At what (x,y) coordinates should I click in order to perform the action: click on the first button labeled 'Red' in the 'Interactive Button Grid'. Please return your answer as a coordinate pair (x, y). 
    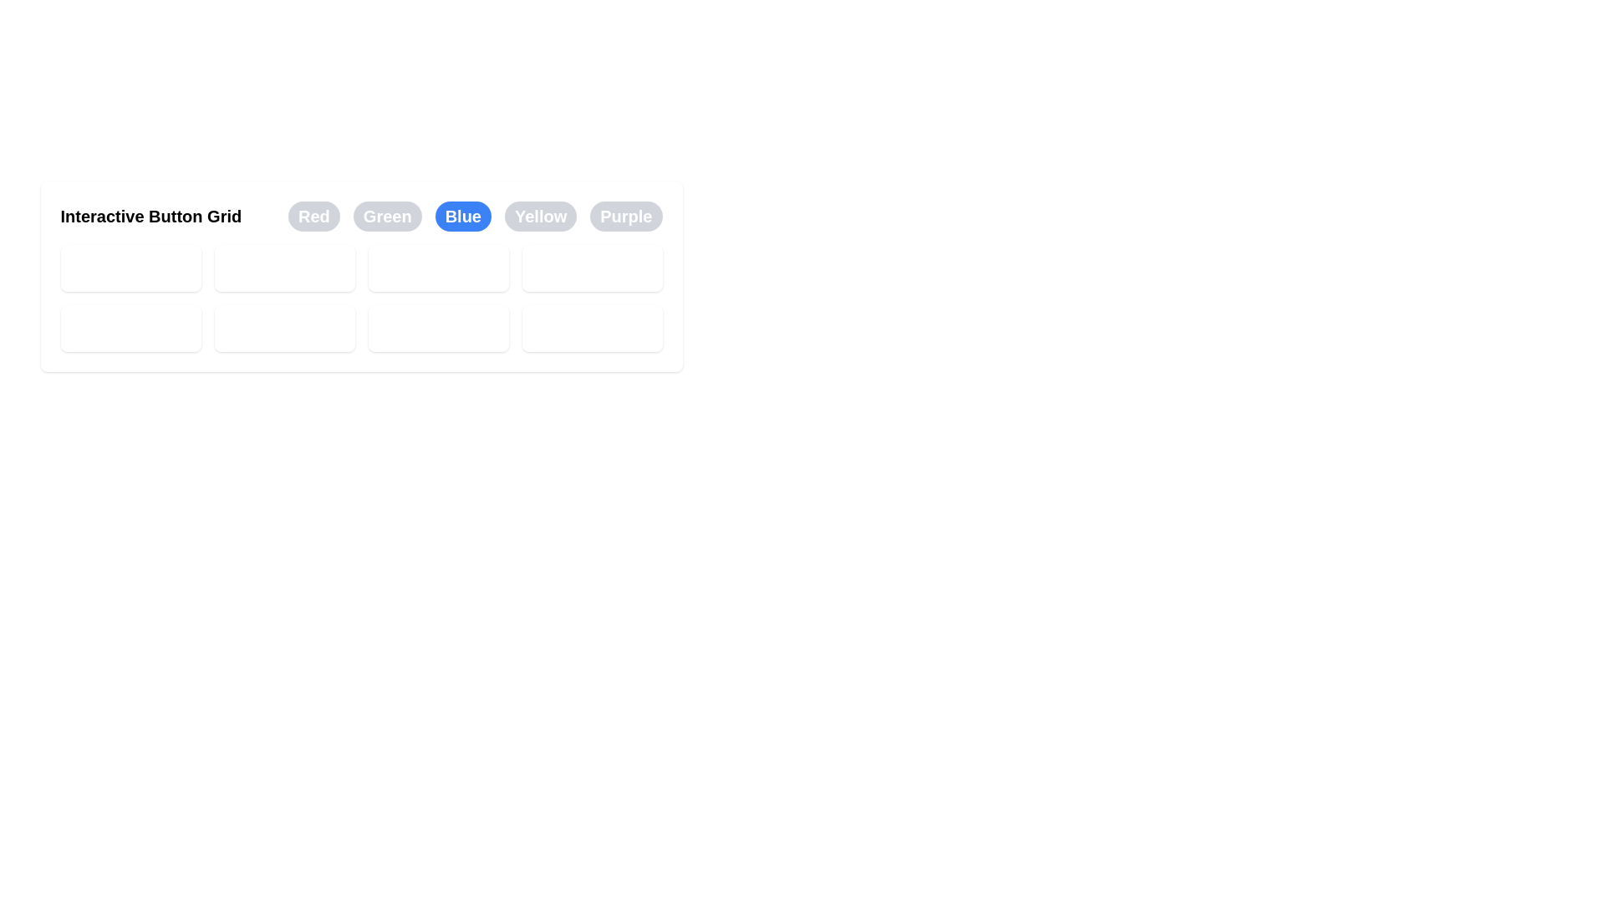
    Looking at the image, I should click on (313, 215).